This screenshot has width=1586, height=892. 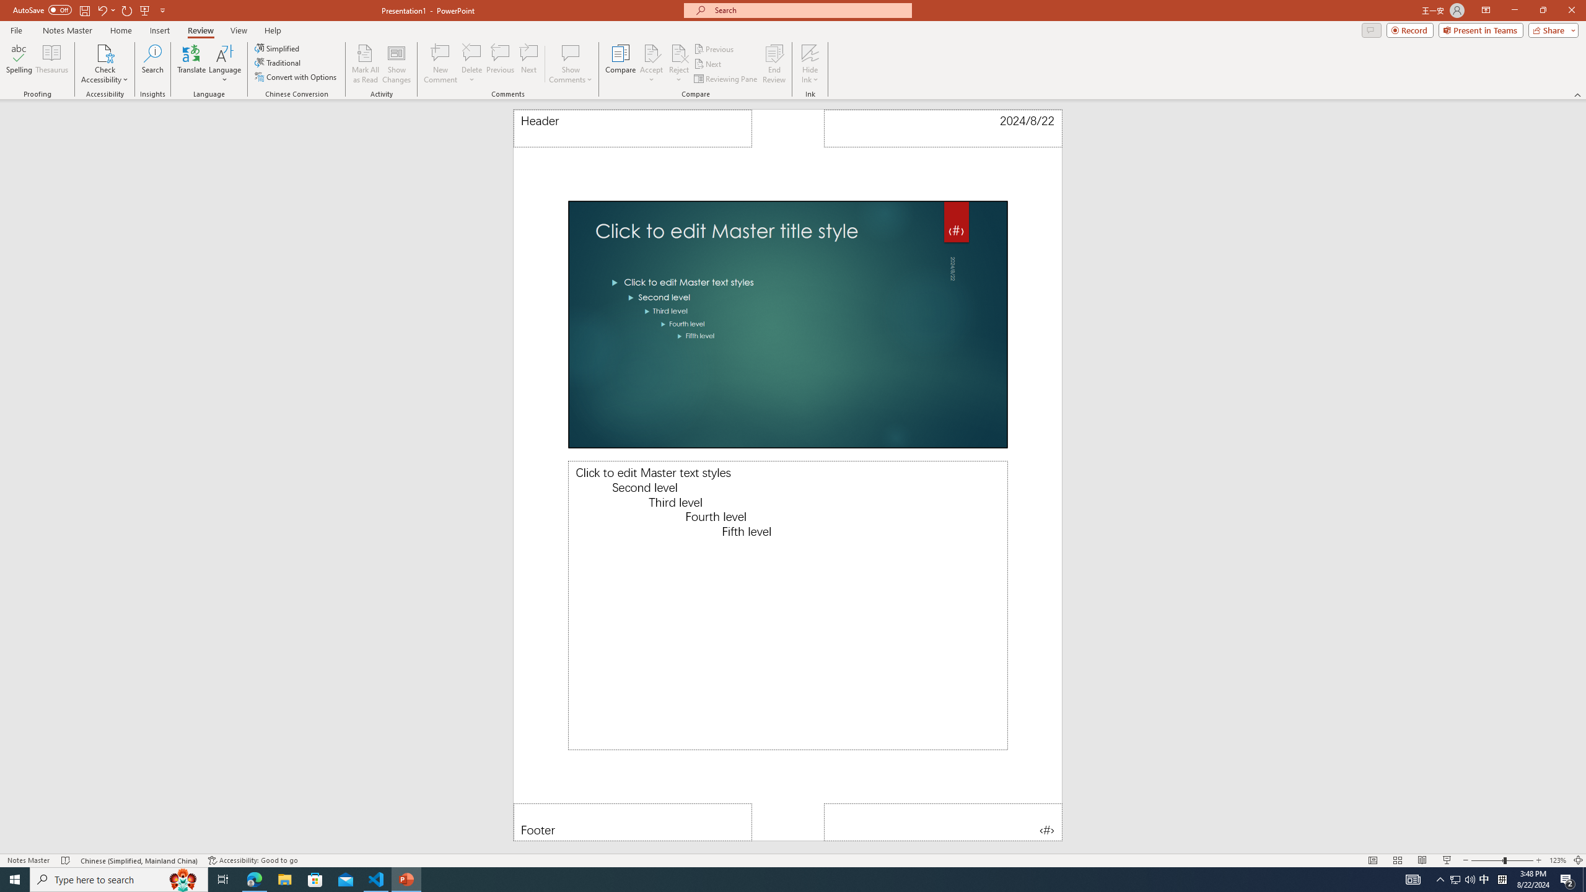 I want to click on 'Compare', so click(x=621, y=64).